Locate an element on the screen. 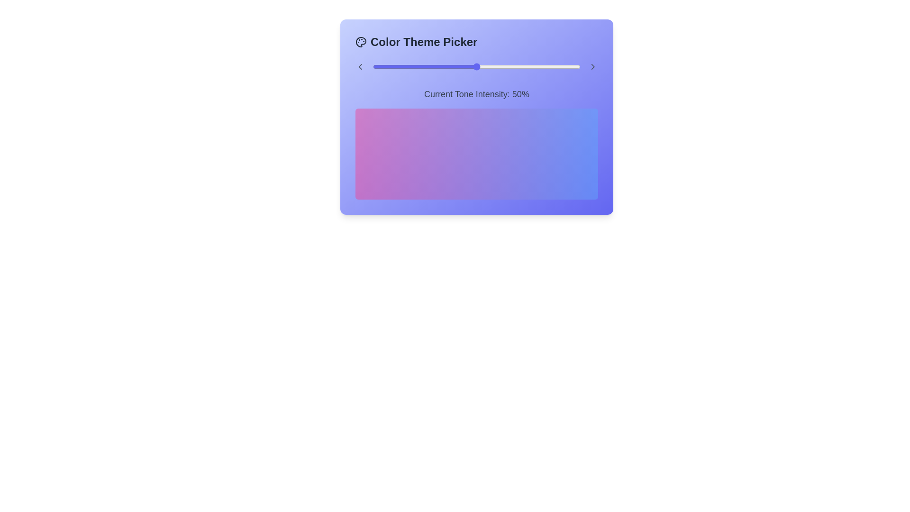 The image size is (910, 512). the gradient display area is located at coordinates (477, 153).